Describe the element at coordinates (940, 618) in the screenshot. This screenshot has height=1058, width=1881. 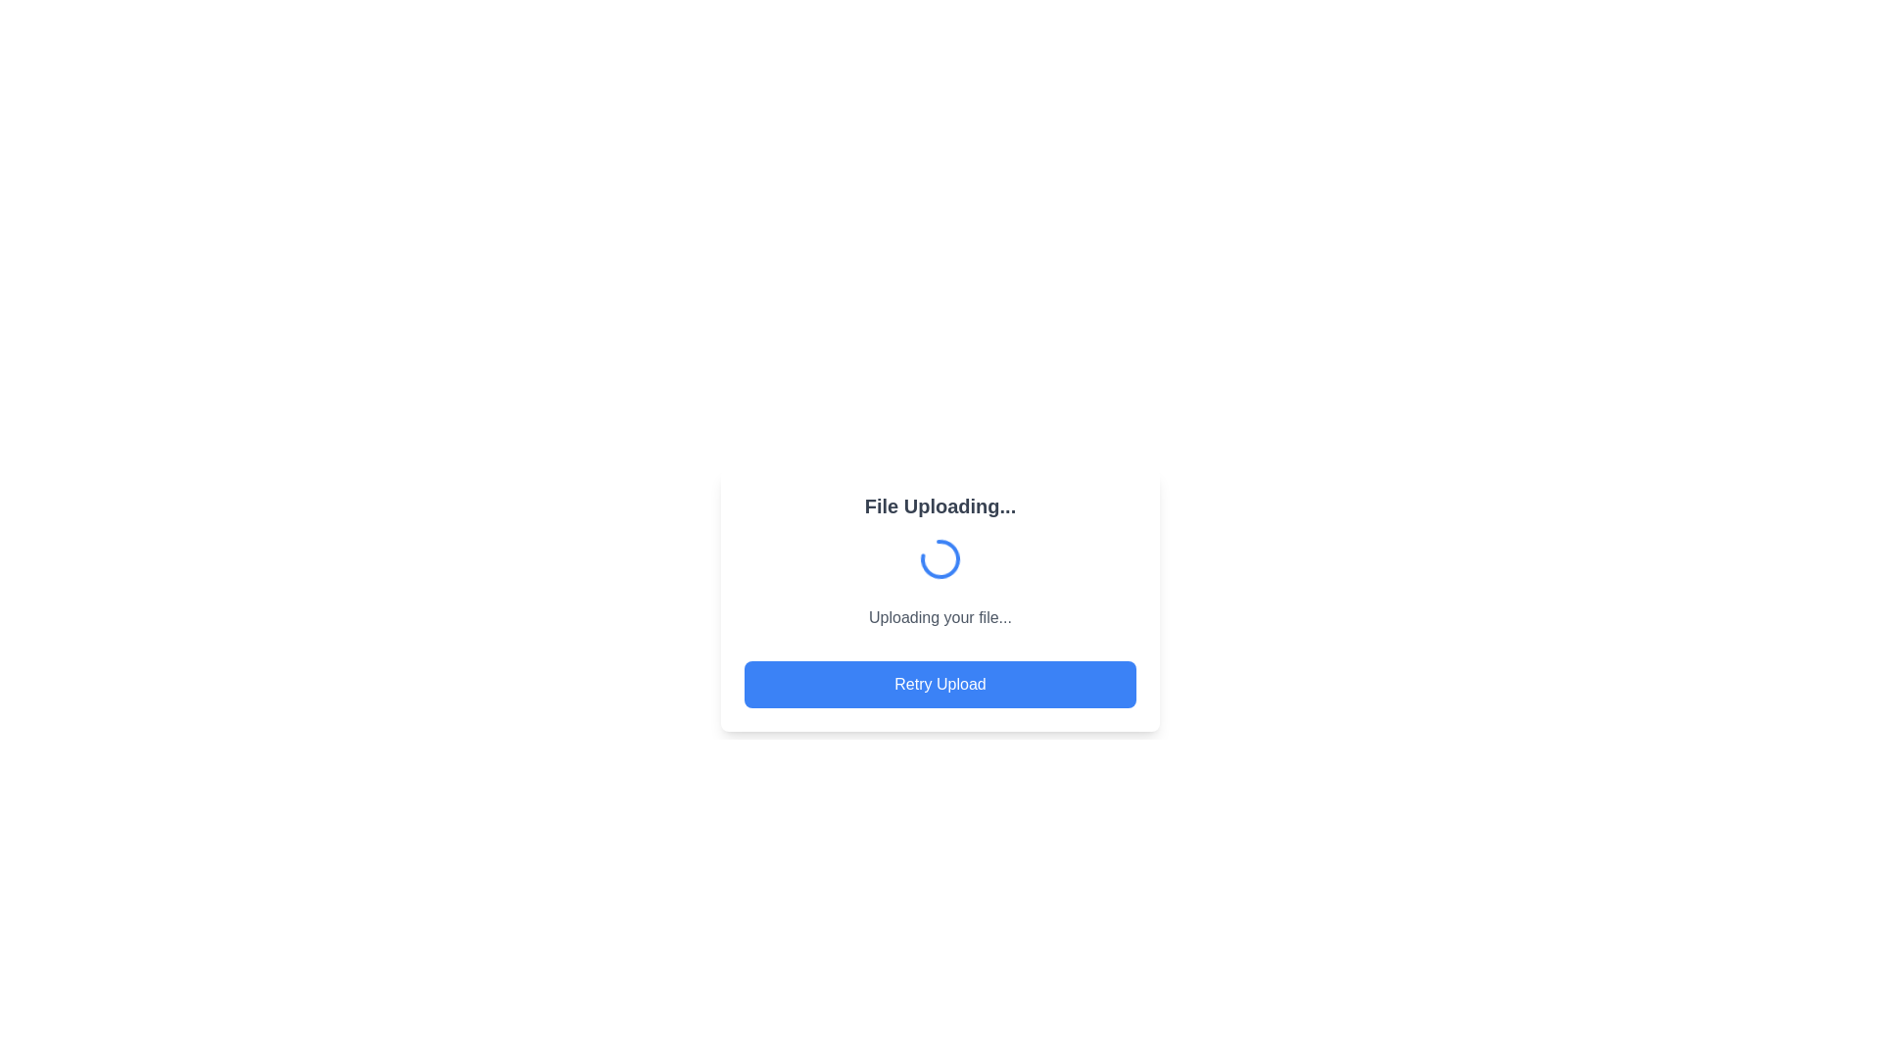
I see `the static text label that provides feedback on the file upload progress, located beneath the loading animation icon and above the 'Retry Upload' button` at that location.